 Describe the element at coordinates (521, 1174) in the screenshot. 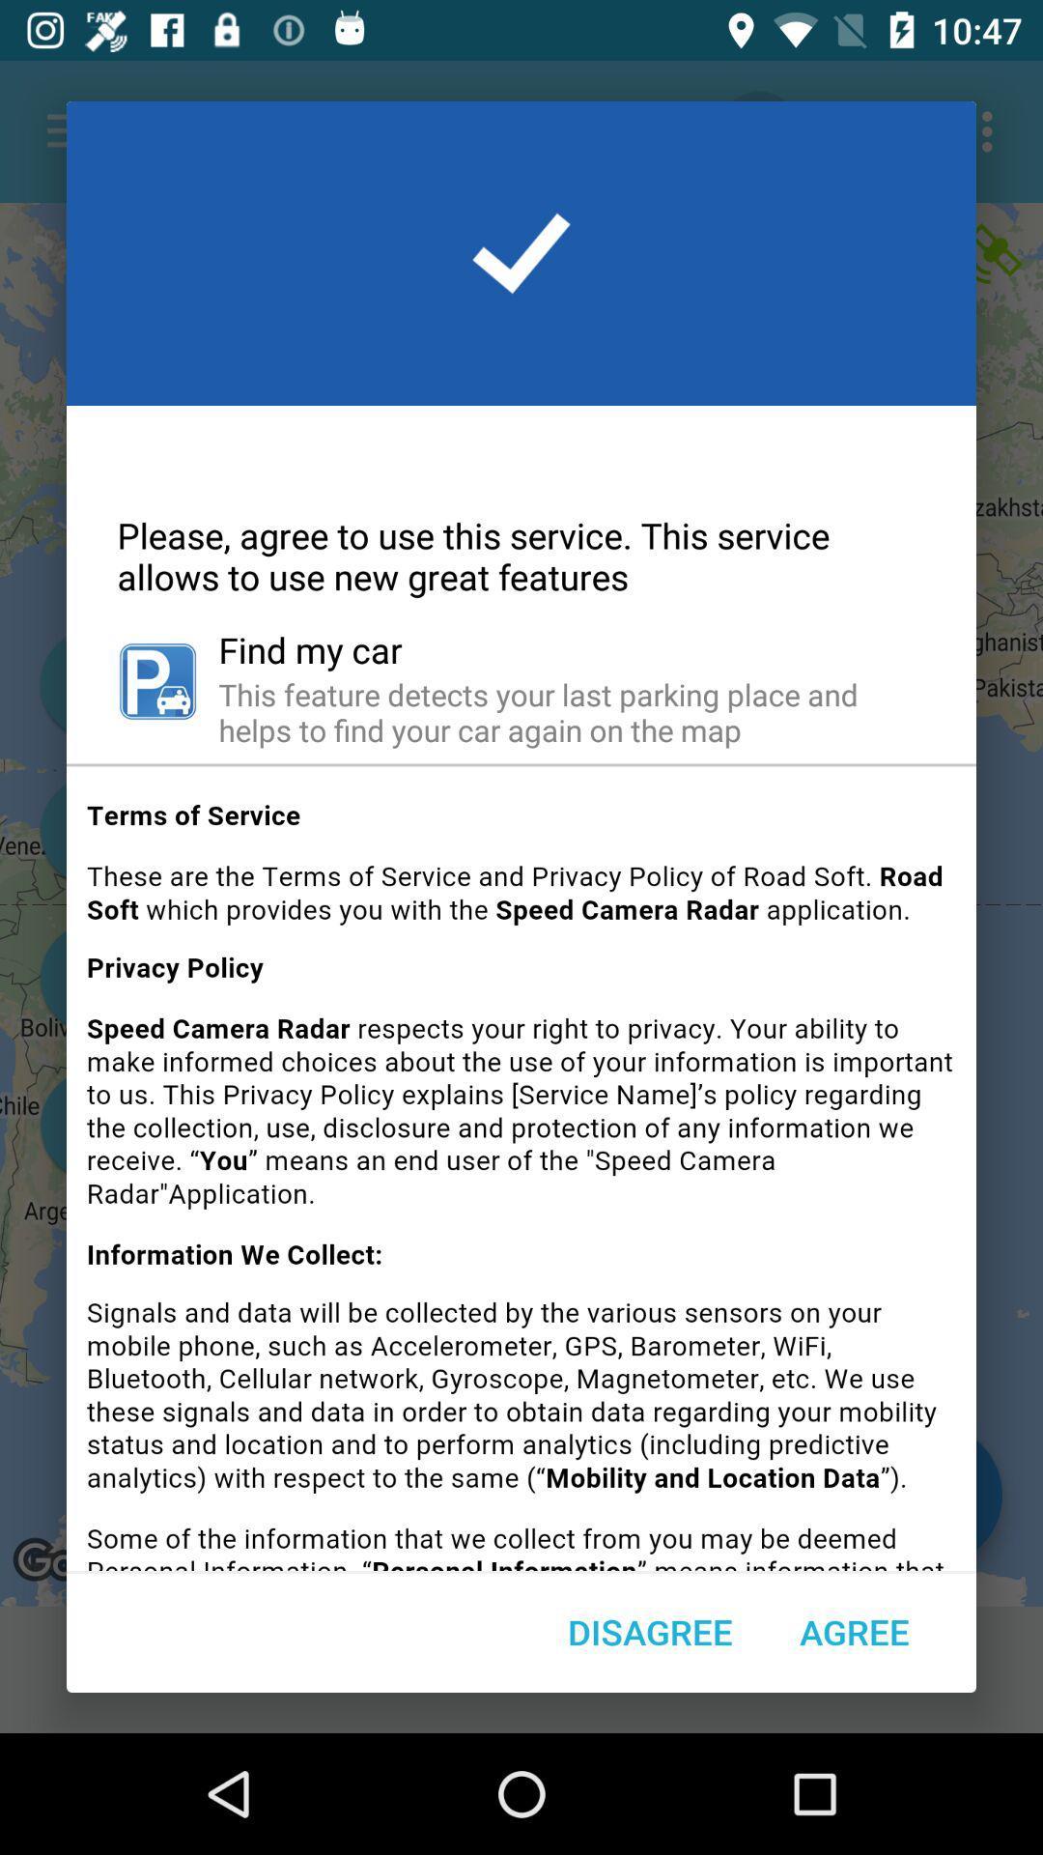

I see `terms of service agreement` at that location.